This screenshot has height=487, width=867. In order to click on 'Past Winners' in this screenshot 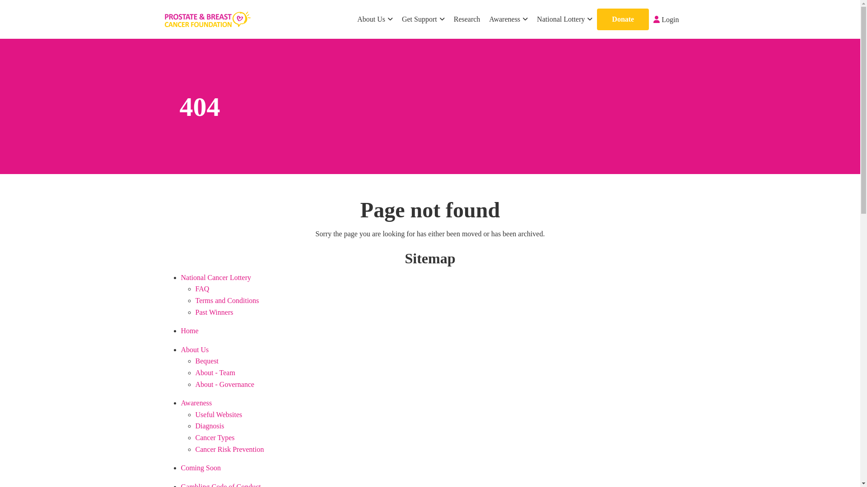, I will do `click(214, 312)`.